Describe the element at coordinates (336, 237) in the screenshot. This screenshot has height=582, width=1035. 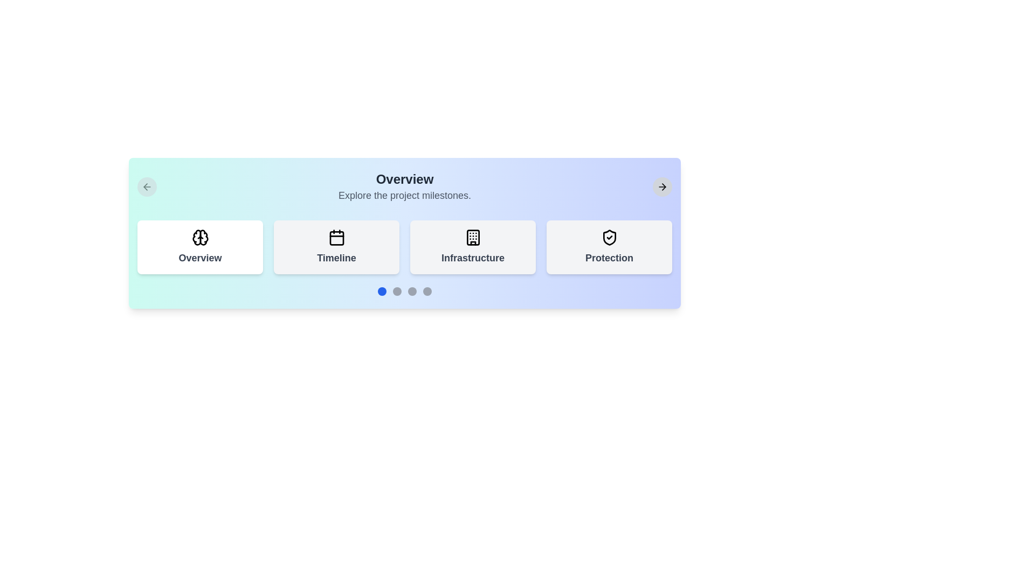
I see `the calendar icon located at the top of the 'Timeline' card, which features a modern design with a rounded rectangular base and vertical lines` at that location.